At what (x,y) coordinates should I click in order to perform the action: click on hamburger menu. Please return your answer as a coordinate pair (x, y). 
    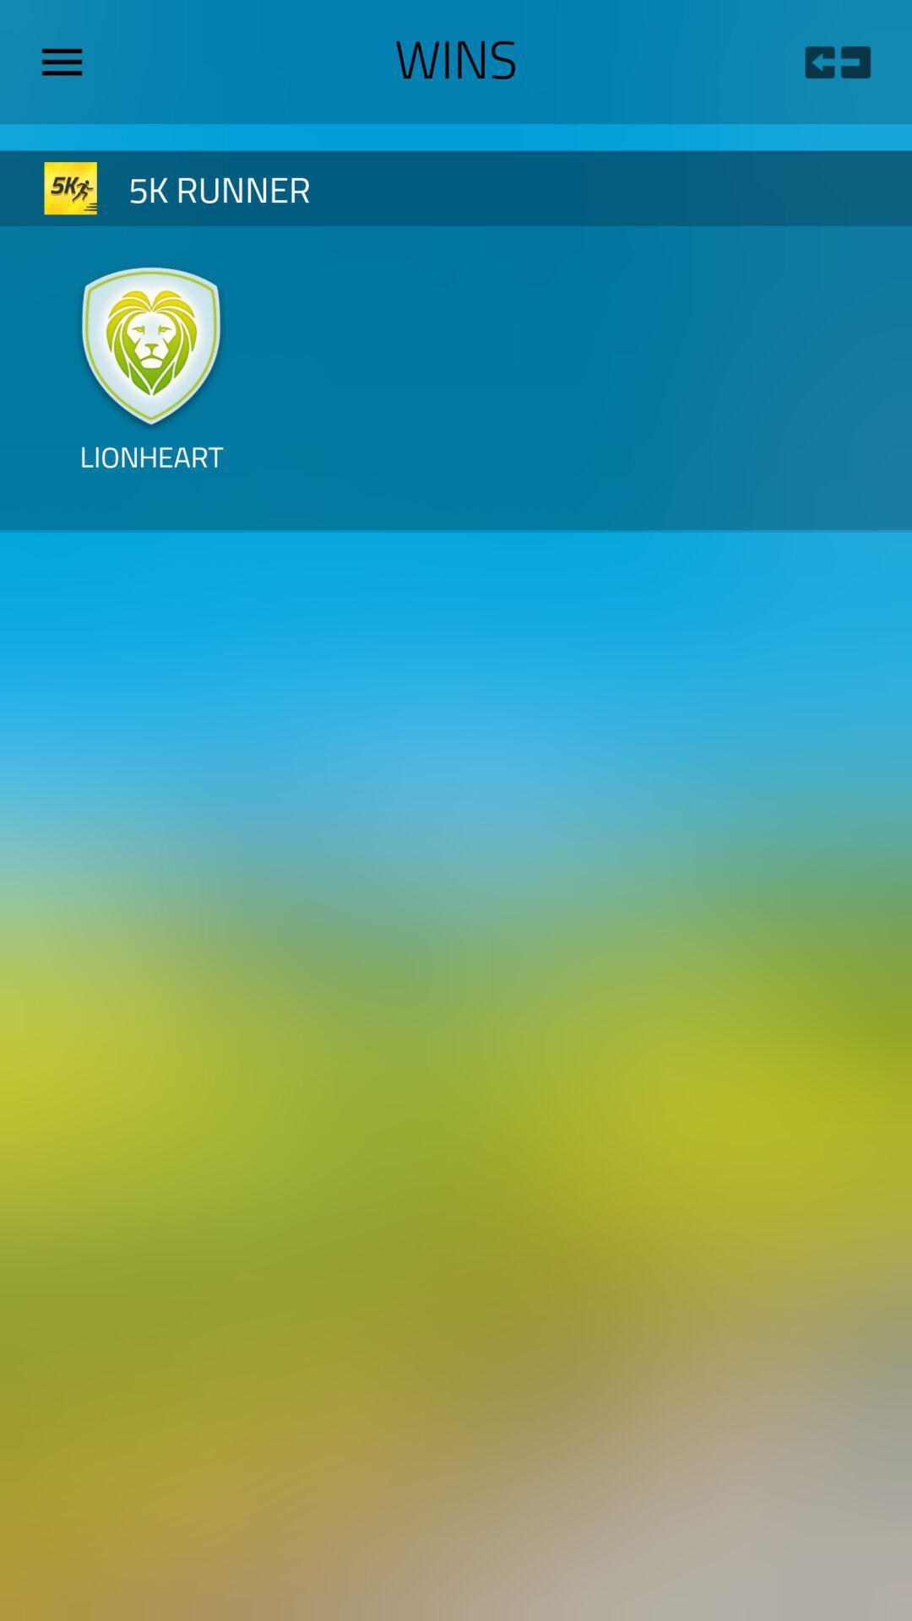
    Looking at the image, I should click on (68, 62).